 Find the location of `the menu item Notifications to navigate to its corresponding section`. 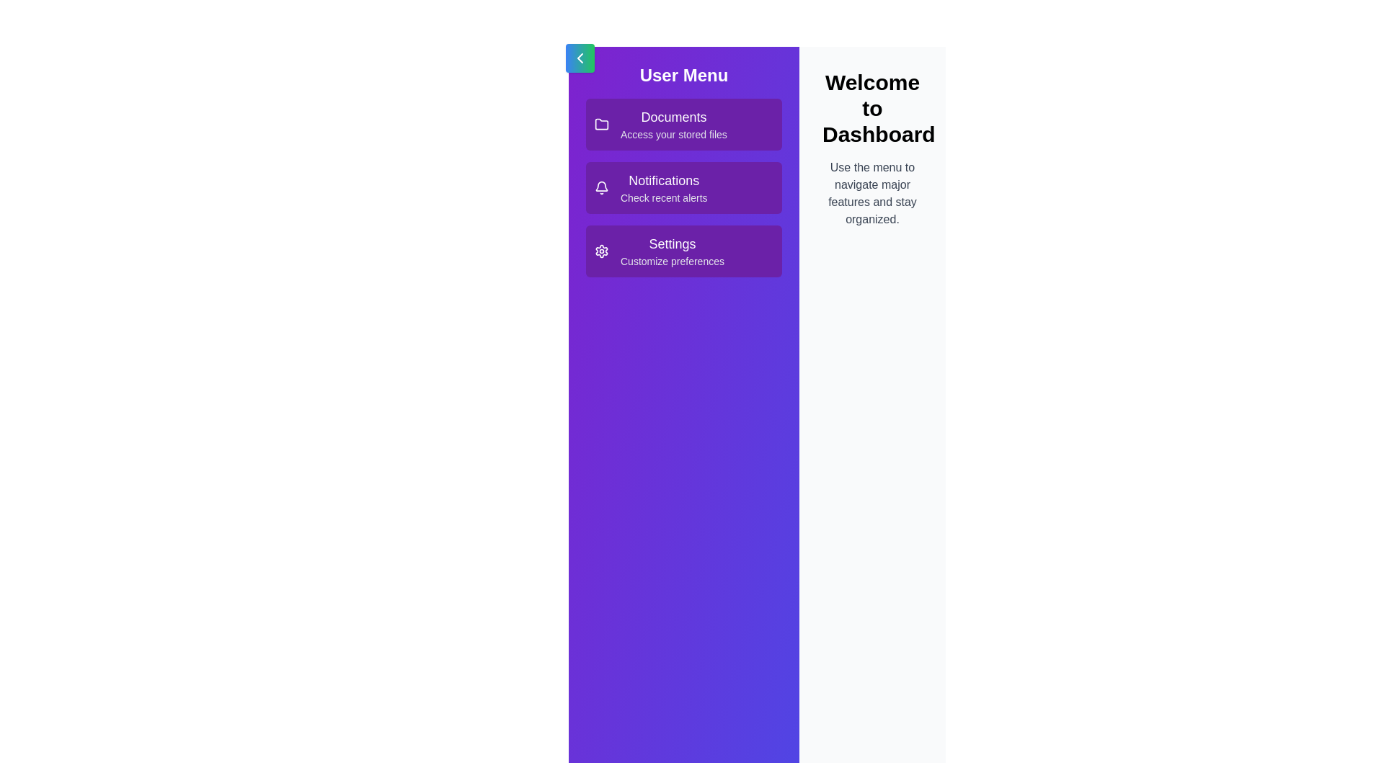

the menu item Notifications to navigate to its corresponding section is located at coordinates (683, 187).